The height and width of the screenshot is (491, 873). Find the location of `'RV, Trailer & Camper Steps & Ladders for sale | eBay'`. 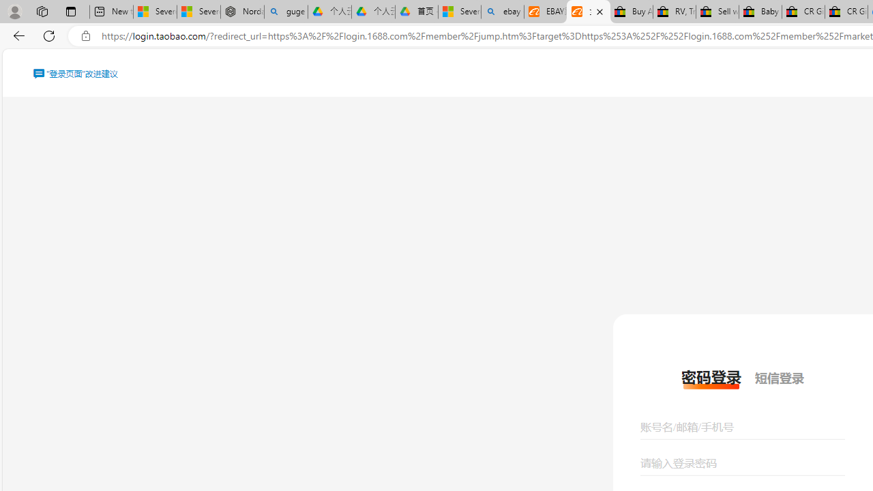

'RV, Trailer & Camper Steps & Ladders for sale | eBay' is located at coordinates (674, 12).